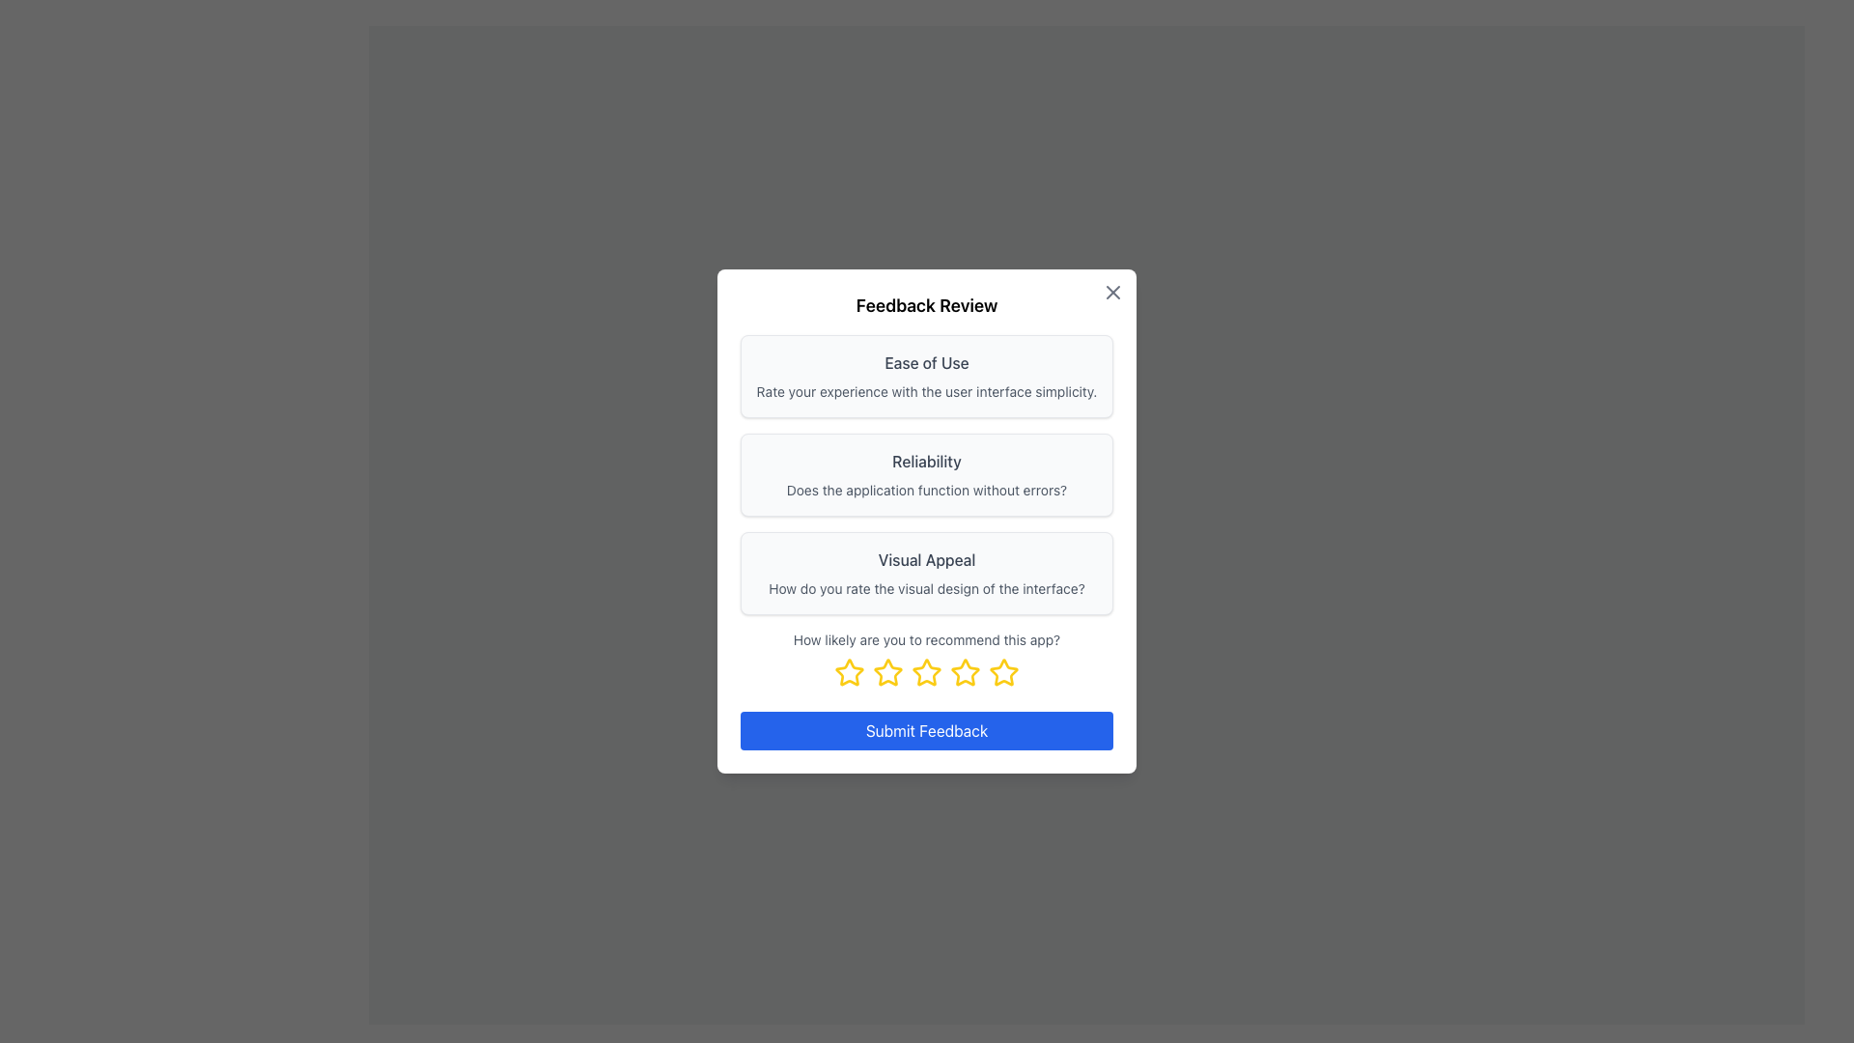 Image resolution: width=1854 pixels, height=1043 pixels. What do you see at coordinates (927, 640) in the screenshot?
I see `contextual text label located in the central modal window, positioned directly above the rating stars` at bounding box center [927, 640].